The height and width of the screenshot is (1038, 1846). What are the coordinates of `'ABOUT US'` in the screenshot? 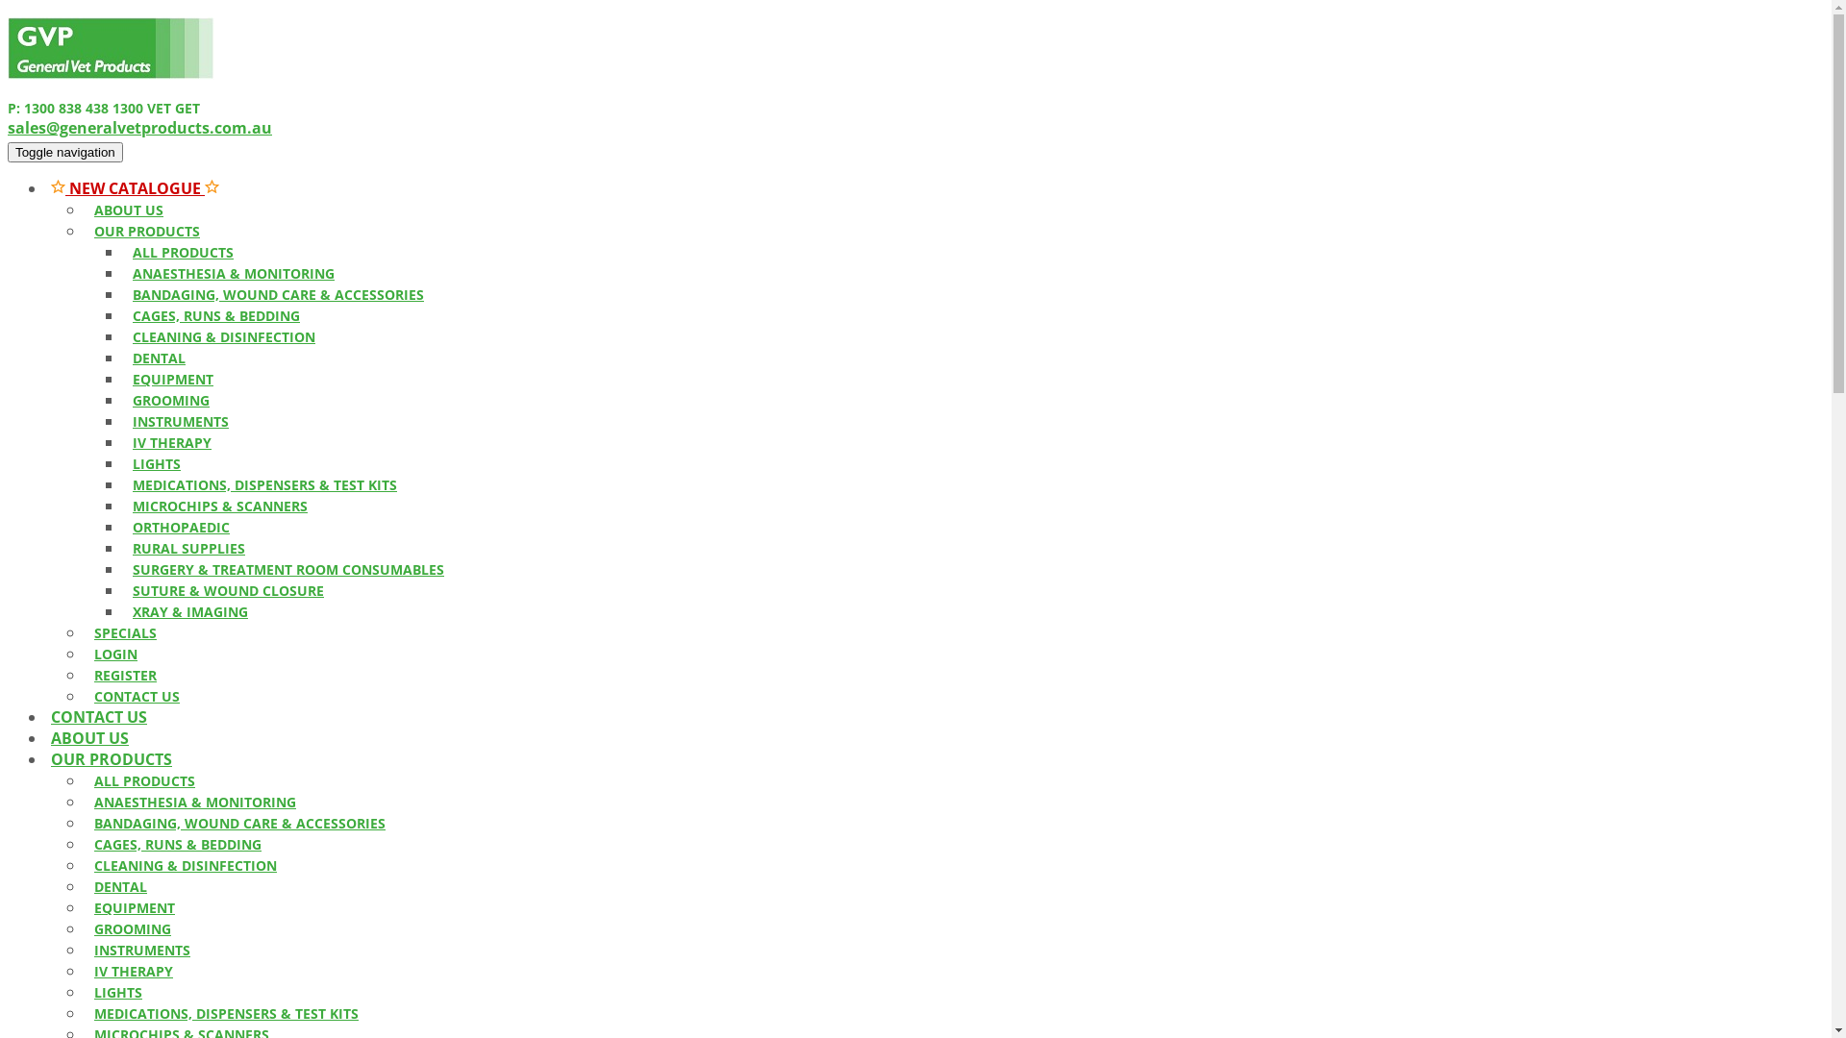 It's located at (88, 736).